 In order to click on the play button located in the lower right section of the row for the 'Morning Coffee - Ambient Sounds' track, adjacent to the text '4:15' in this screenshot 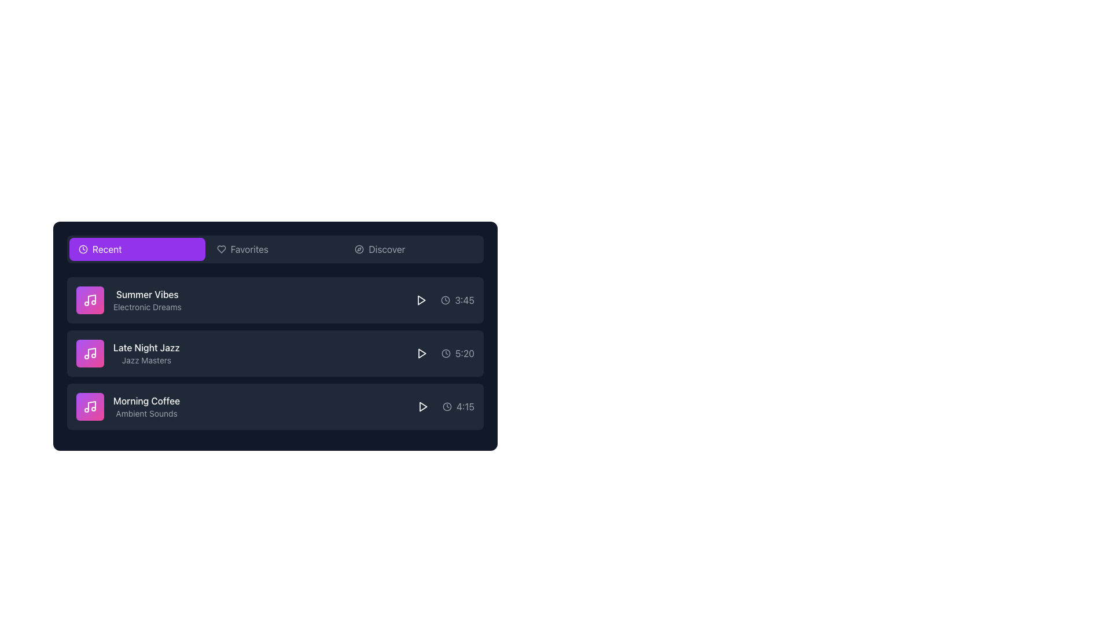, I will do `click(422, 406)`.